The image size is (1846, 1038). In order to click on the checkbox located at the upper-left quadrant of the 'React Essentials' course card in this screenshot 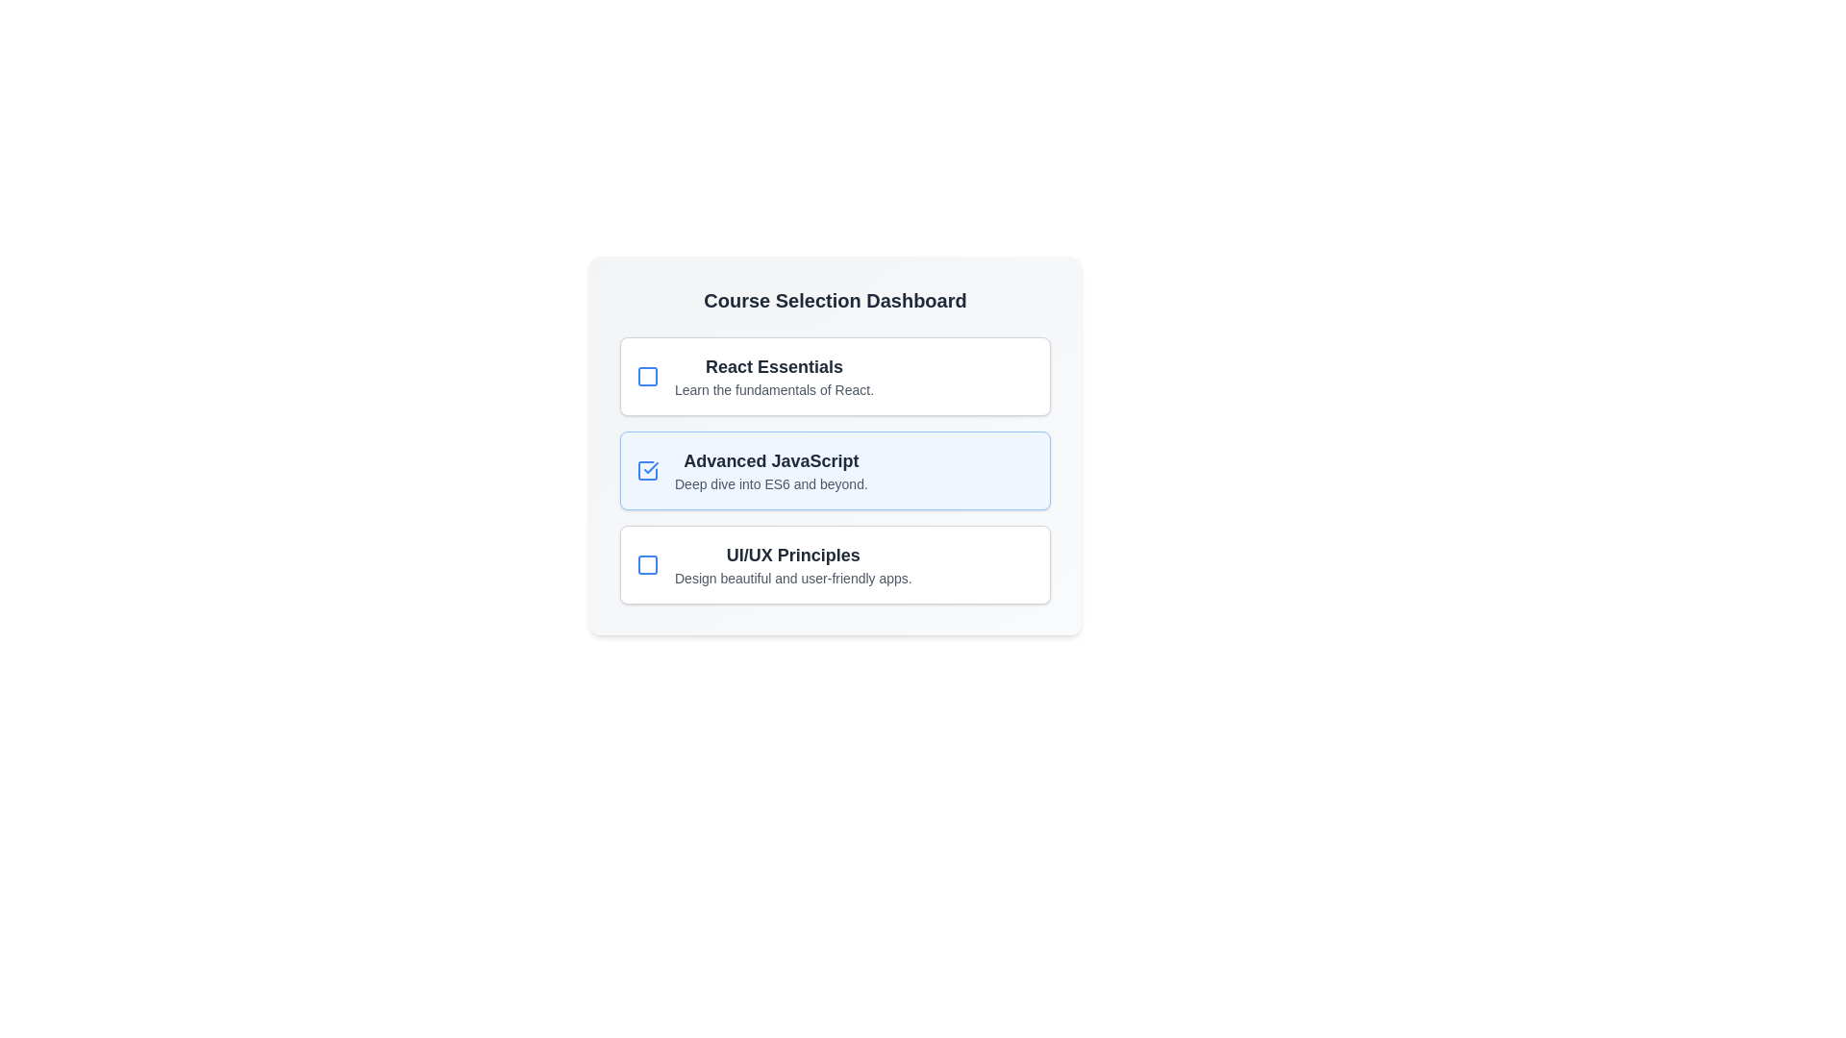, I will do `click(647, 377)`.